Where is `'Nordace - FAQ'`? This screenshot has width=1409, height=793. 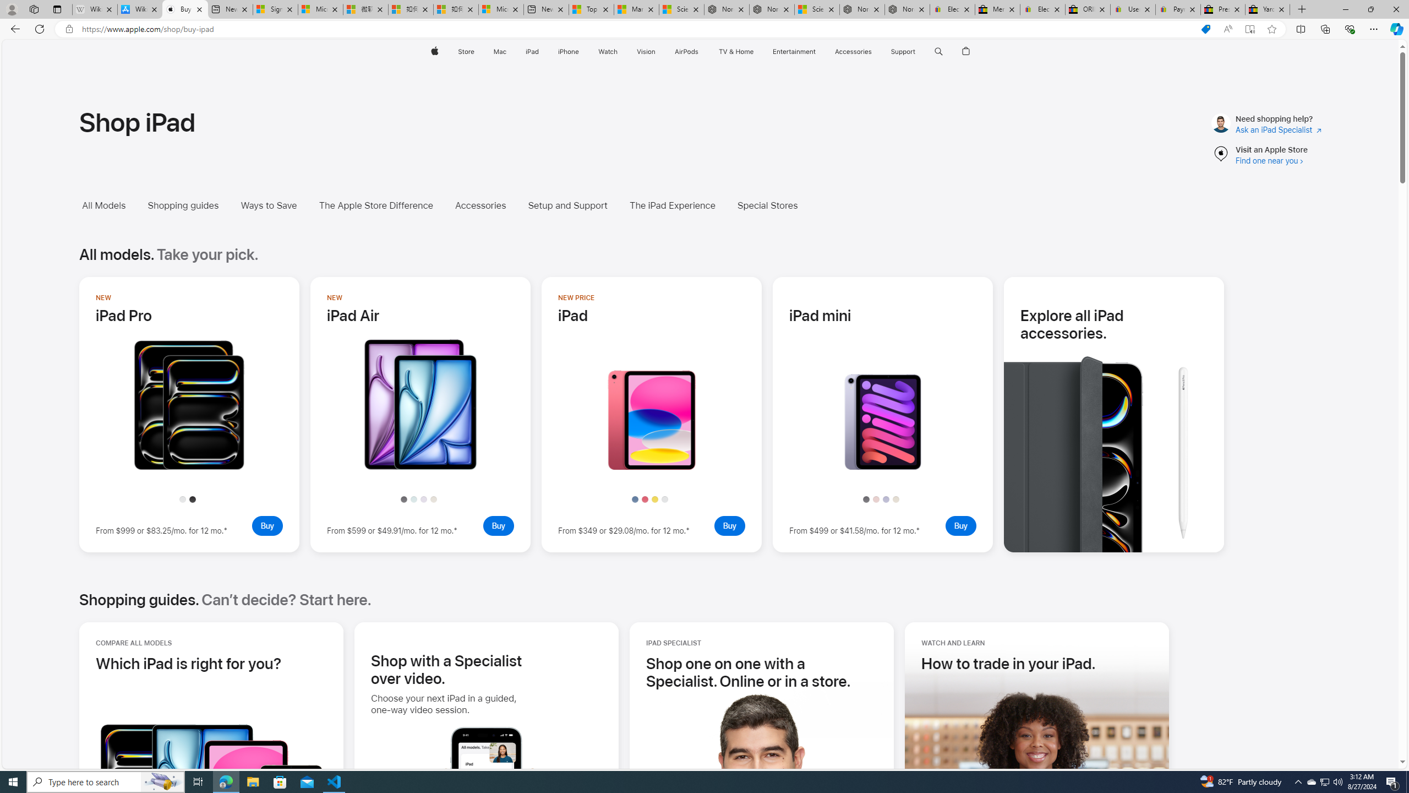
'Nordace - FAQ' is located at coordinates (906, 9).